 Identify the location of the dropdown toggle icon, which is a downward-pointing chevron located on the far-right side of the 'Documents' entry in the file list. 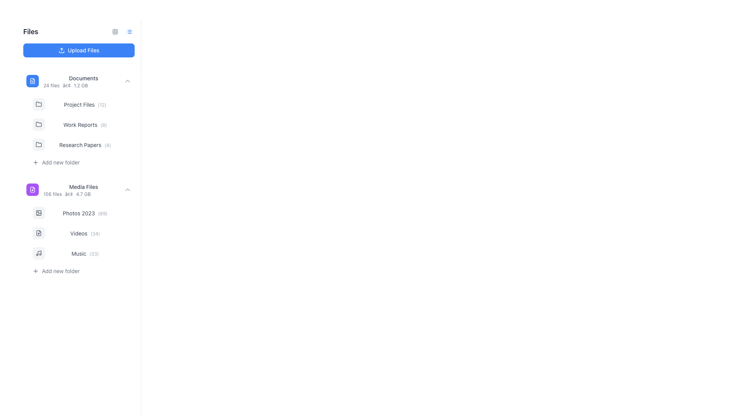
(128, 81).